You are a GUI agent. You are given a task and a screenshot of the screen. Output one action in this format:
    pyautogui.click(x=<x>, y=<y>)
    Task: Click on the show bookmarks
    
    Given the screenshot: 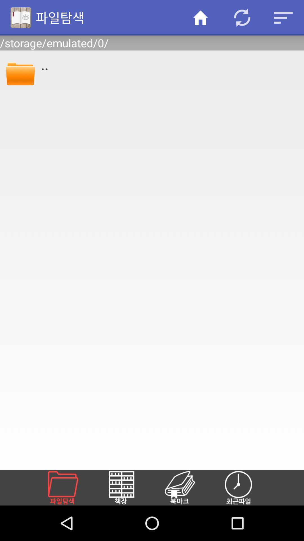 What is the action you would take?
    pyautogui.click(x=187, y=487)
    